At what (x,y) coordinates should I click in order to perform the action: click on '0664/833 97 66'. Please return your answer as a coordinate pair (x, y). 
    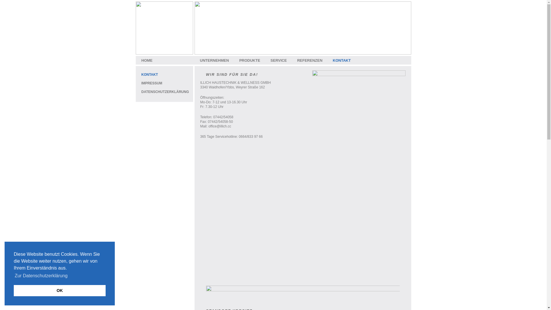
    Looking at the image, I should click on (251, 136).